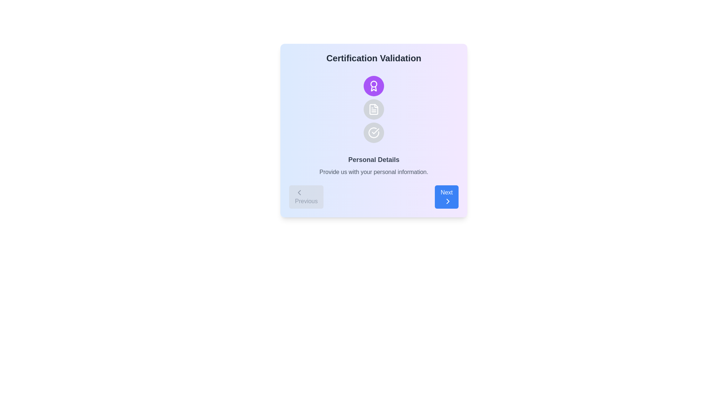 This screenshot has width=701, height=394. What do you see at coordinates (374, 166) in the screenshot?
I see `the text element that provides information about the current step in the process titled 'Certification Validation', which is centrally located within a card interface` at bounding box center [374, 166].